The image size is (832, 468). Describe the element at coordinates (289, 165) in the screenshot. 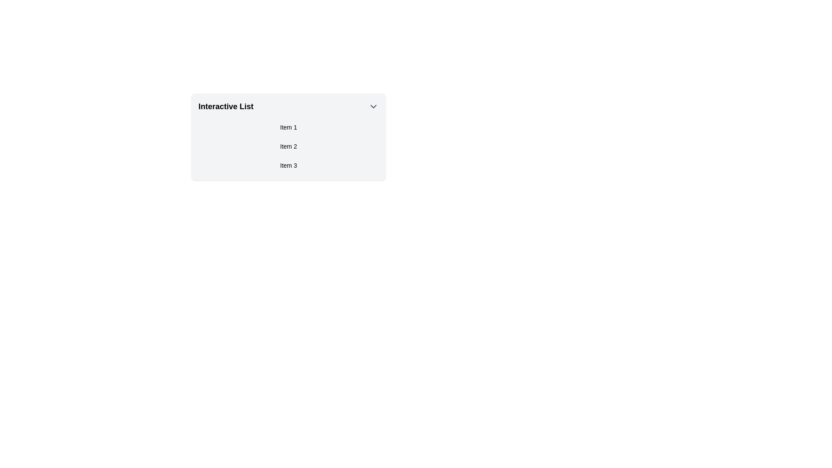

I see `the third item in the 'Interactive List', which is a Text Label representing a selectable option` at that location.